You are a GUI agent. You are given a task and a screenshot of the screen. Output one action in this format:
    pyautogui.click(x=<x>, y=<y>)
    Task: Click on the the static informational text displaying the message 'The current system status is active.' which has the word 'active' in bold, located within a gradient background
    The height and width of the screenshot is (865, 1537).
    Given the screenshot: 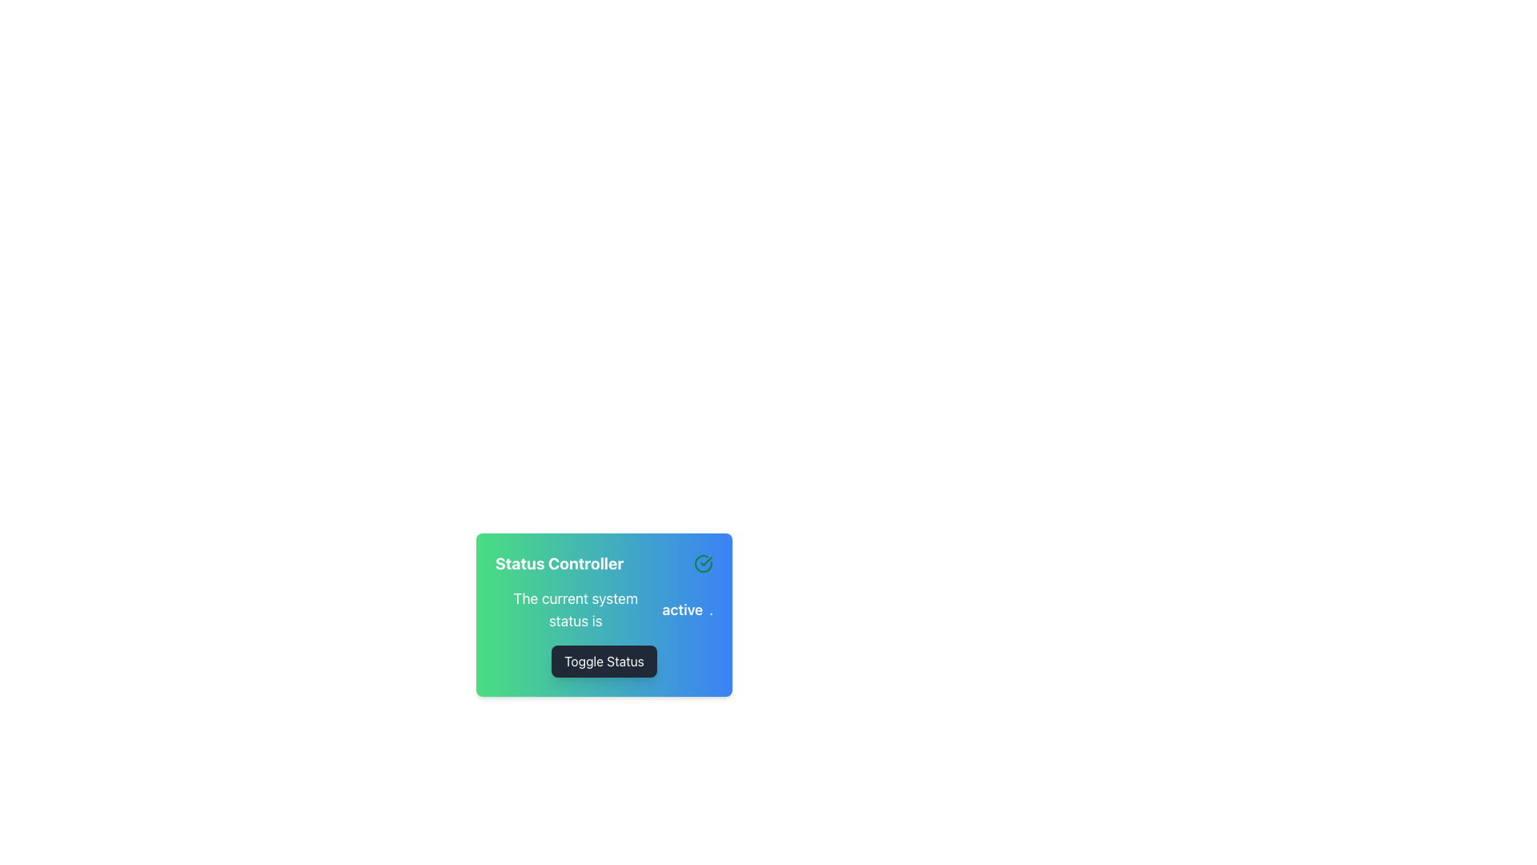 What is the action you would take?
    pyautogui.click(x=603, y=610)
    